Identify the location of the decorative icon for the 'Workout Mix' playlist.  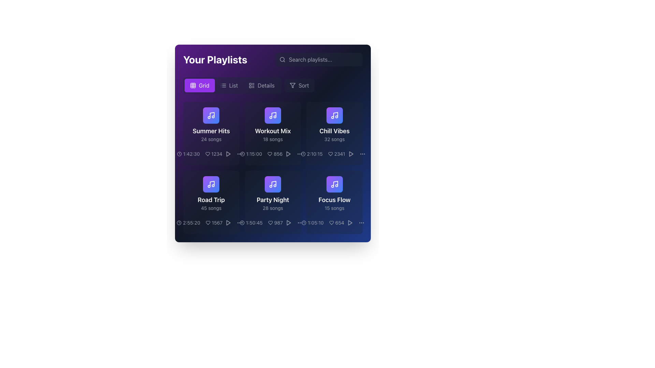
(273, 115).